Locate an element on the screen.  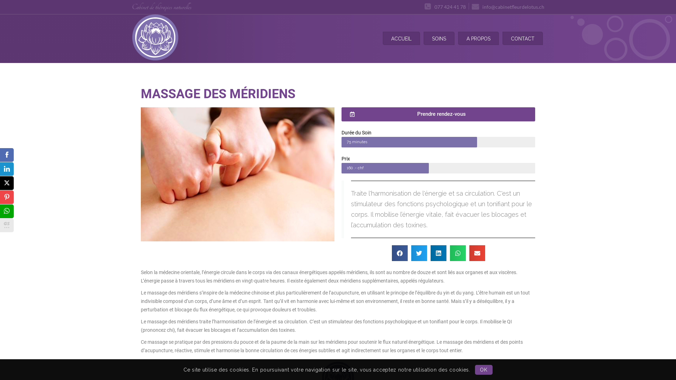
'077 424 41 78' is located at coordinates (444, 6).